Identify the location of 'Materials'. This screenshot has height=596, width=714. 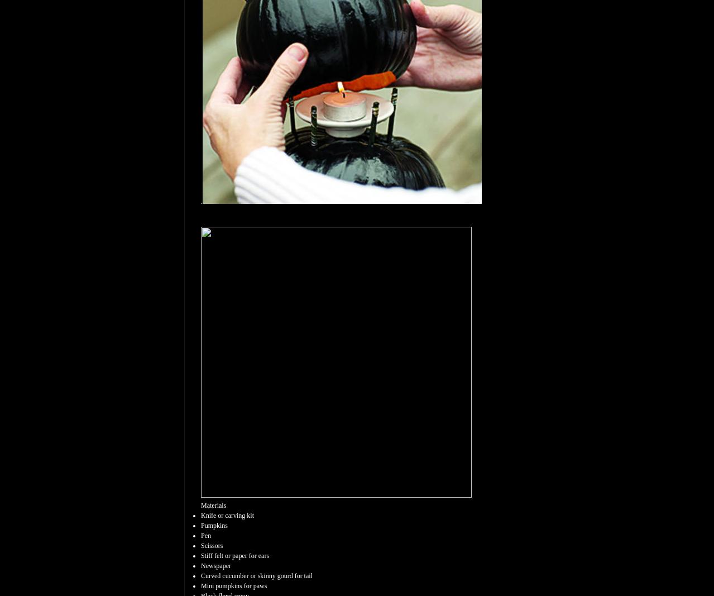
(213, 506).